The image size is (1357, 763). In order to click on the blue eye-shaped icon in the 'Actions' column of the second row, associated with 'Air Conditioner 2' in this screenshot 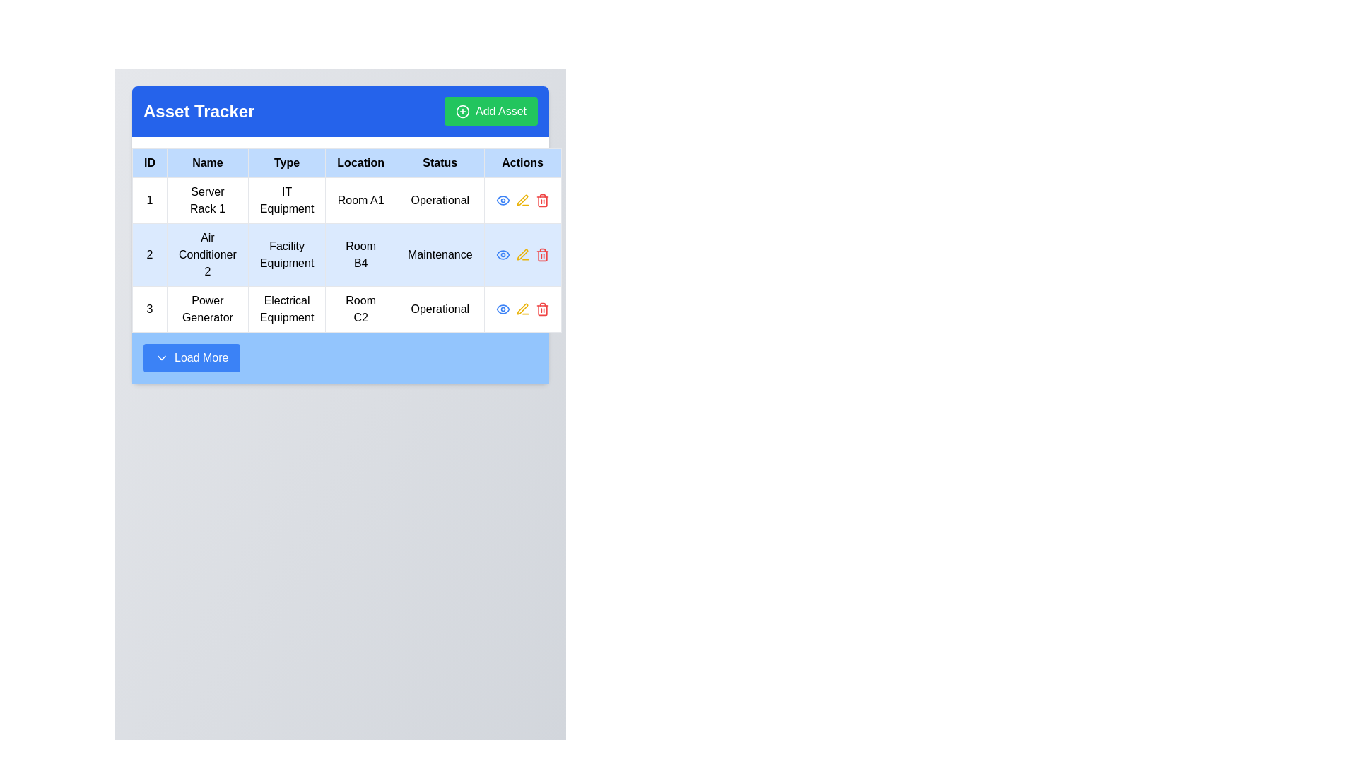, I will do `click(503, 201)`.